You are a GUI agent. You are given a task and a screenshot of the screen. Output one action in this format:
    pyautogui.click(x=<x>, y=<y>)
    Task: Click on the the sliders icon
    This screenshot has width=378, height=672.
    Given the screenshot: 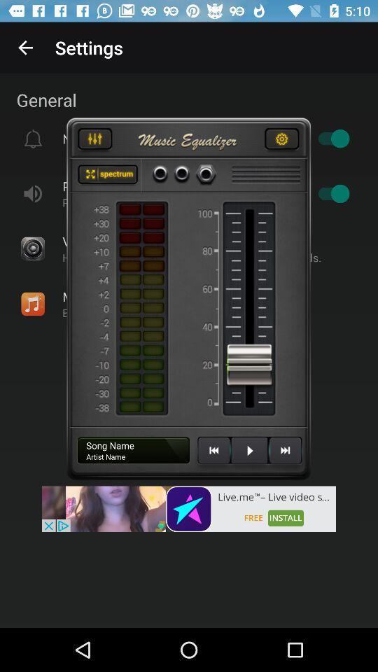 What is the action you would take?
    pyautogui.click(x=94, y=141)
    